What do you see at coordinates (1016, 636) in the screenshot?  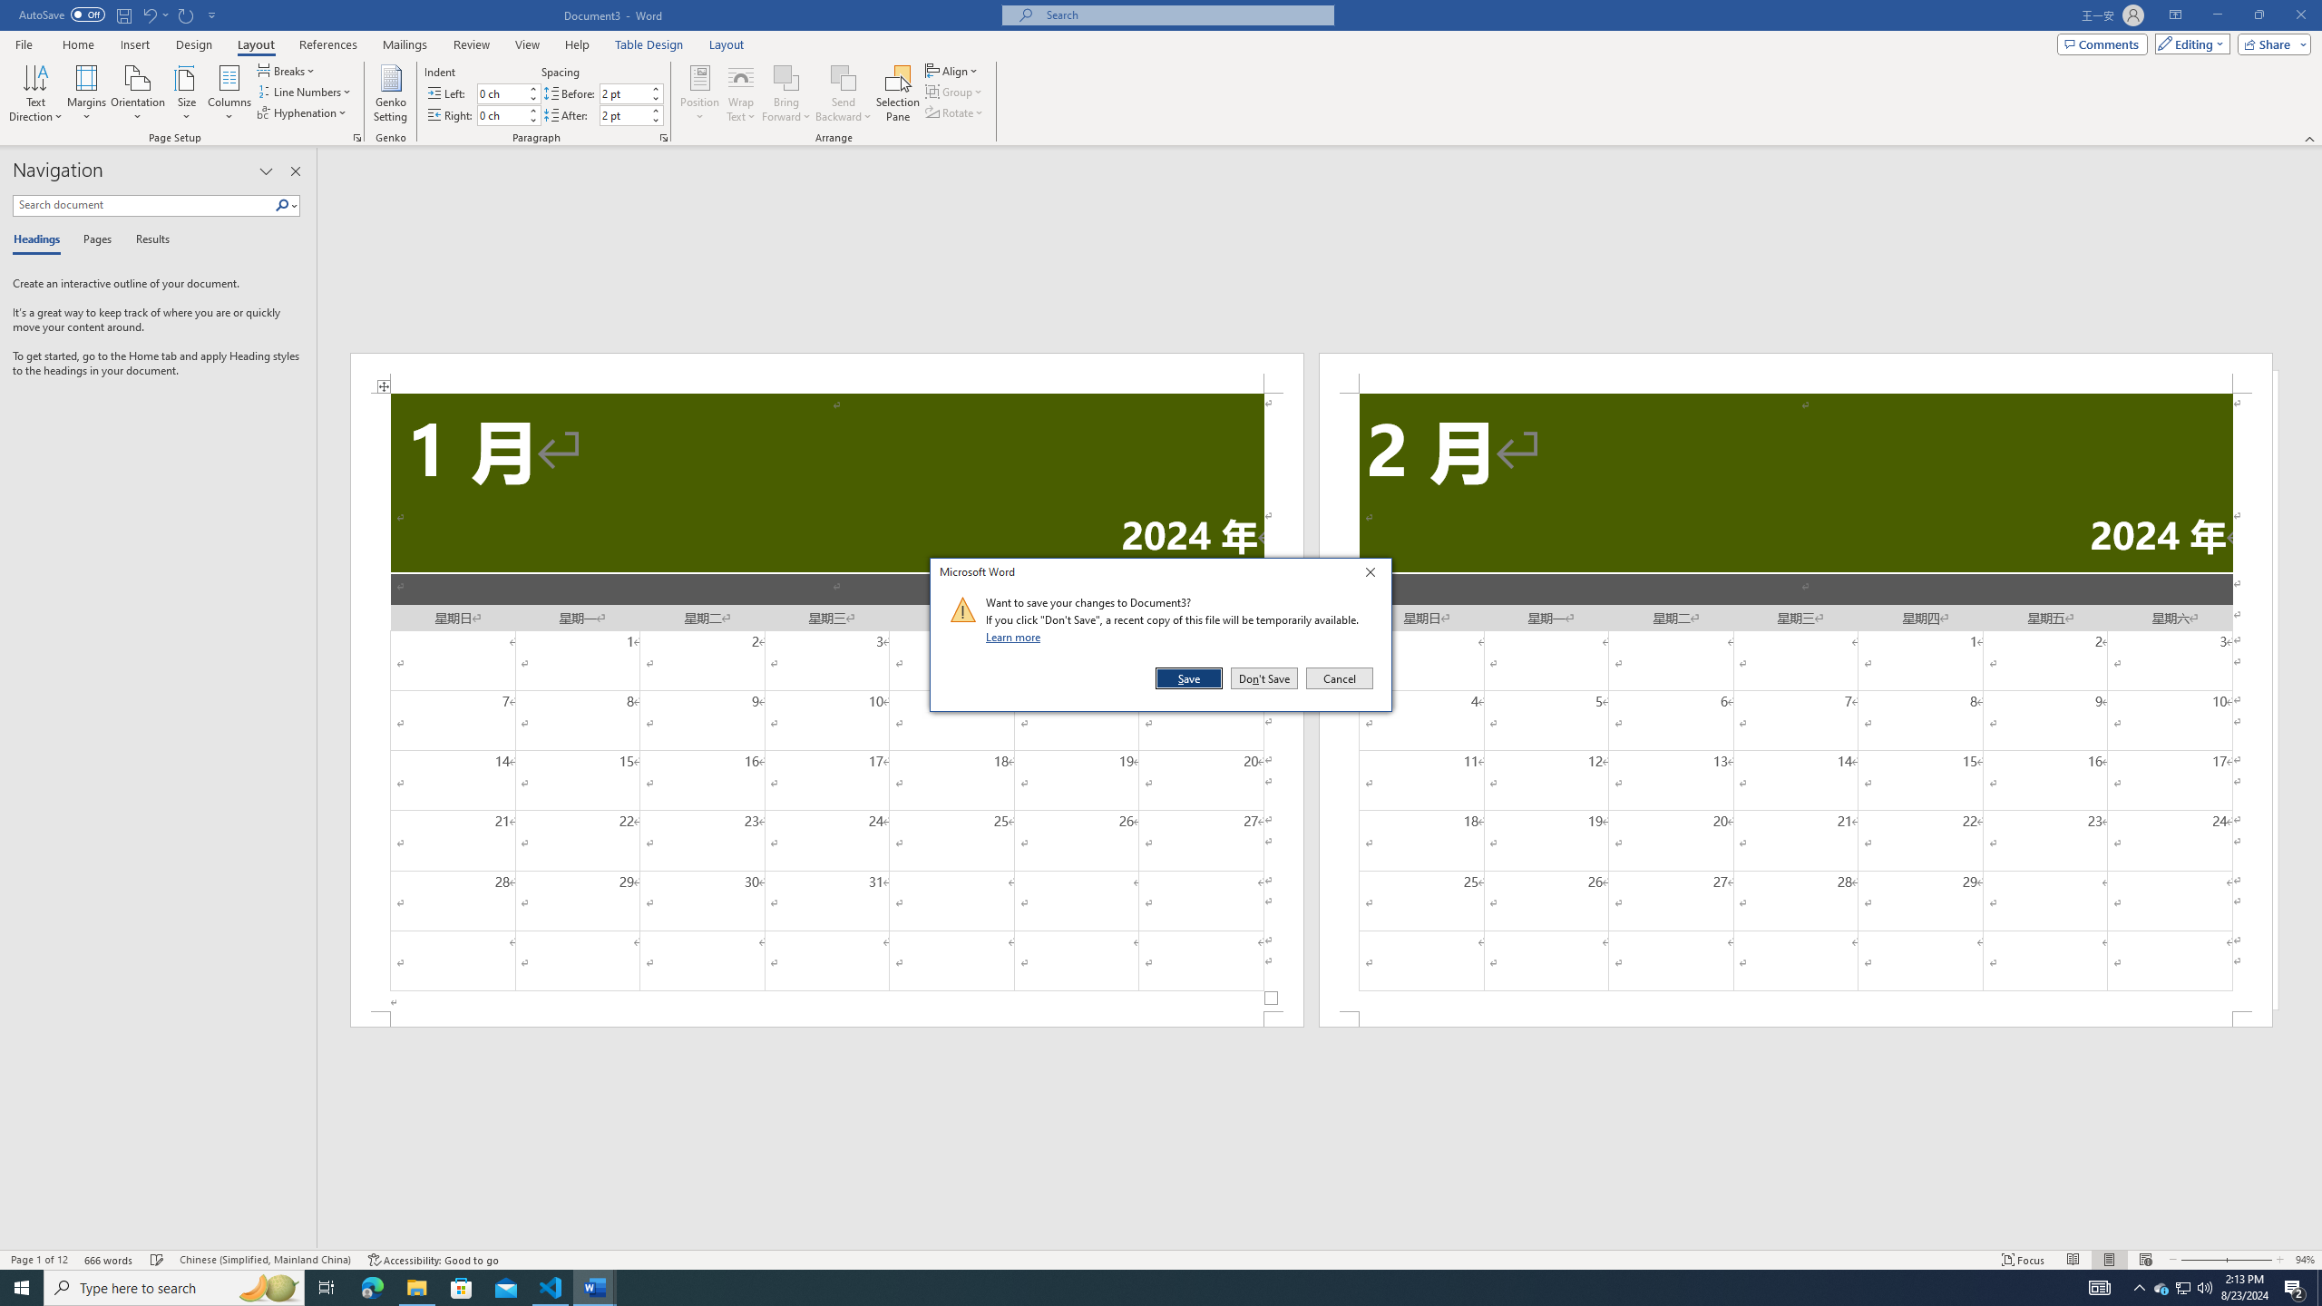 I see `'Learn more'` at bounding box center [1016, 636].